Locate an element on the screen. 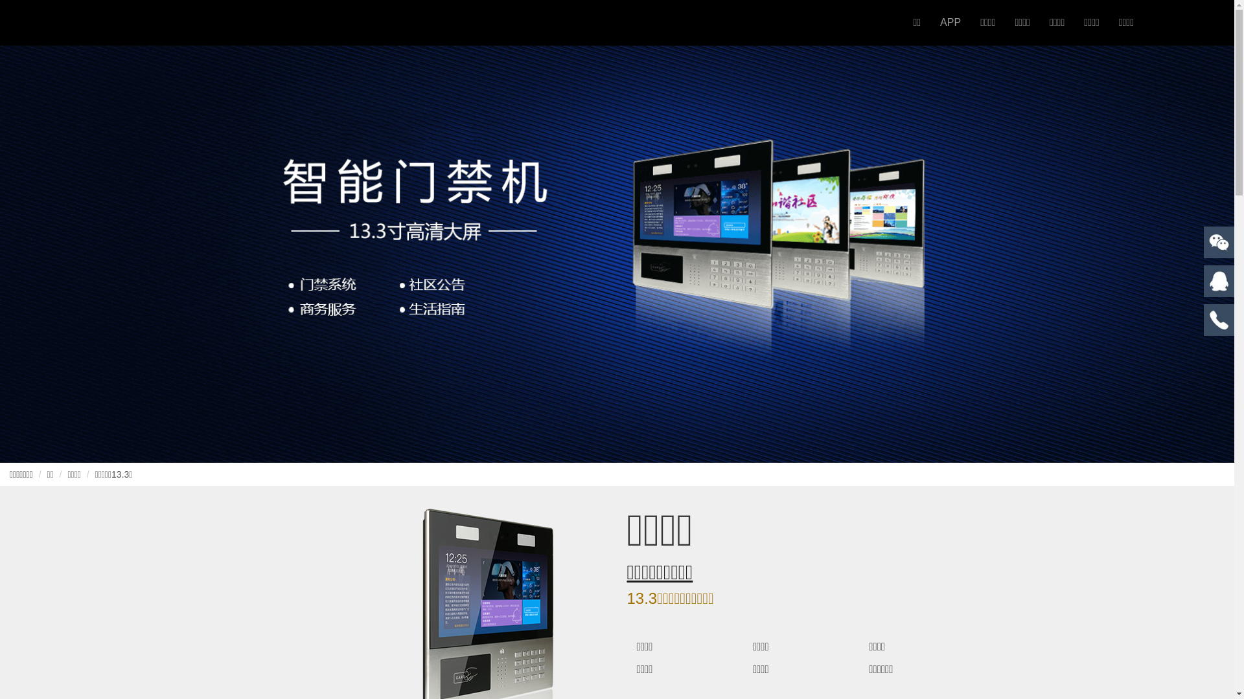 This screenshot has width=1244, height=699. 'APP' is located at coordinates (929, 22).